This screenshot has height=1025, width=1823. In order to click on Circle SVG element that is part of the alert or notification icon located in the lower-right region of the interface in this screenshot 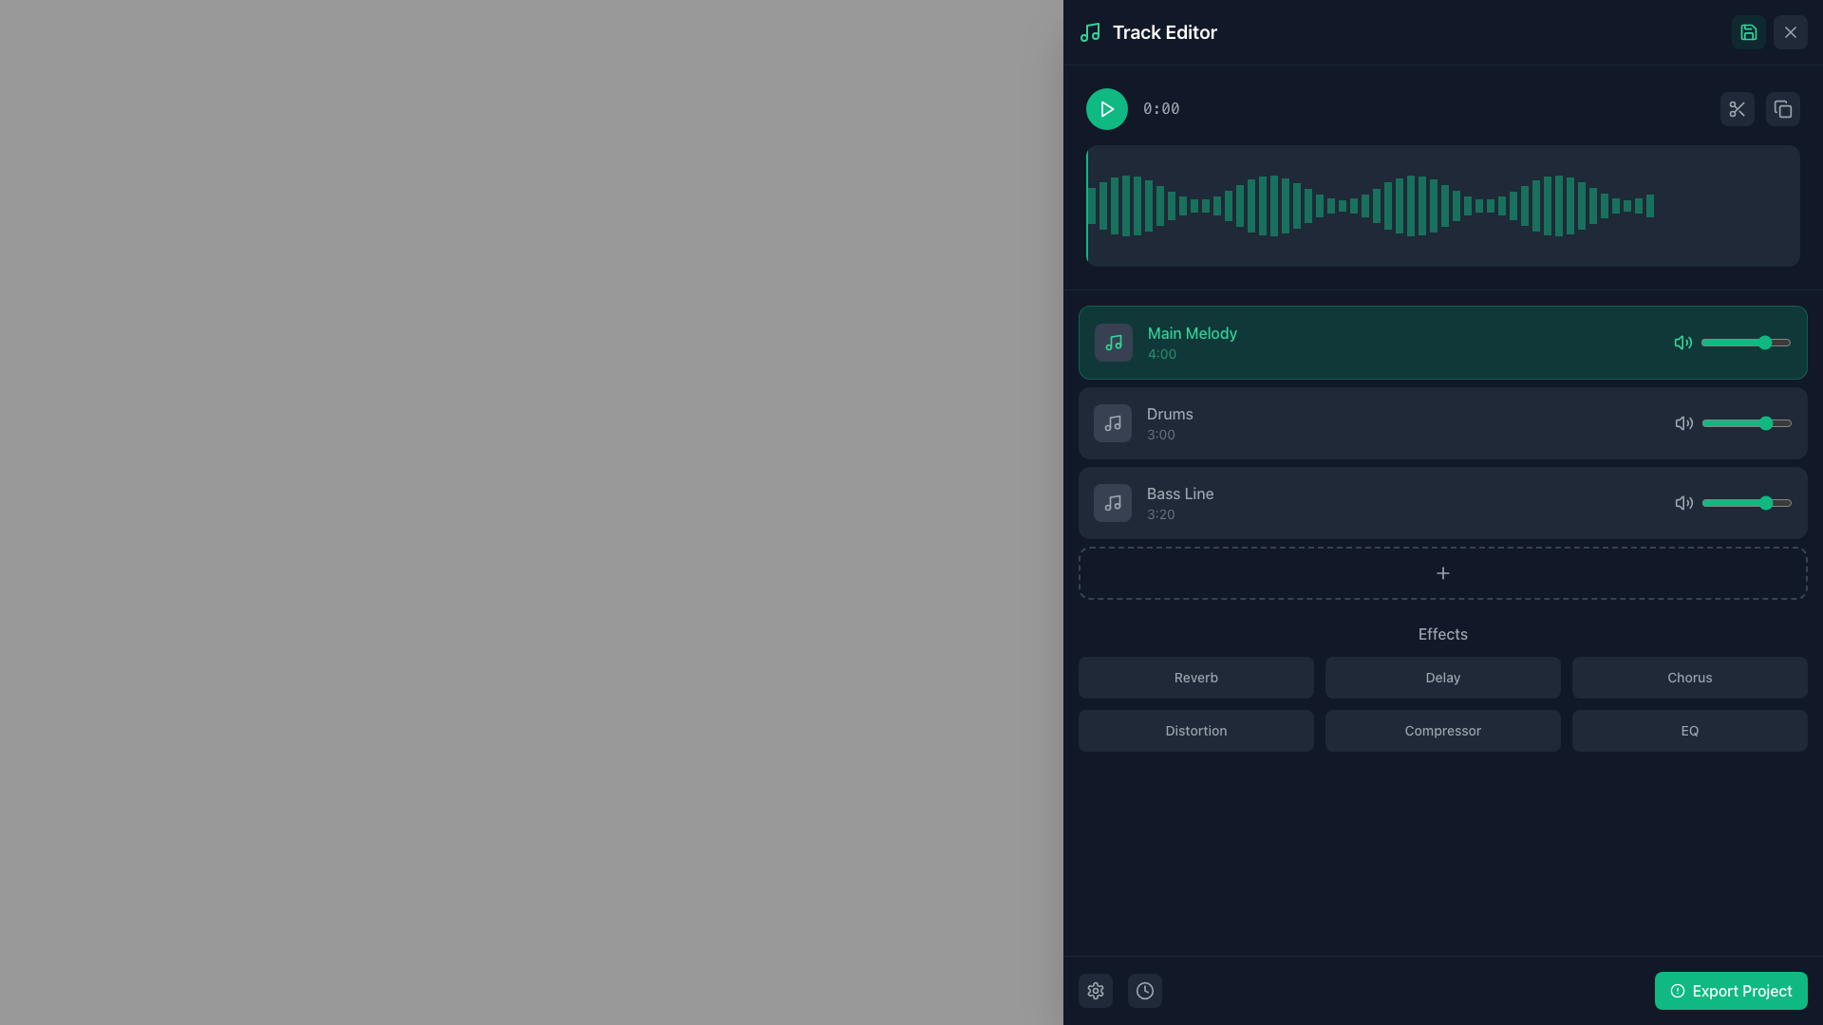, I will do `click(1677, 990)`.